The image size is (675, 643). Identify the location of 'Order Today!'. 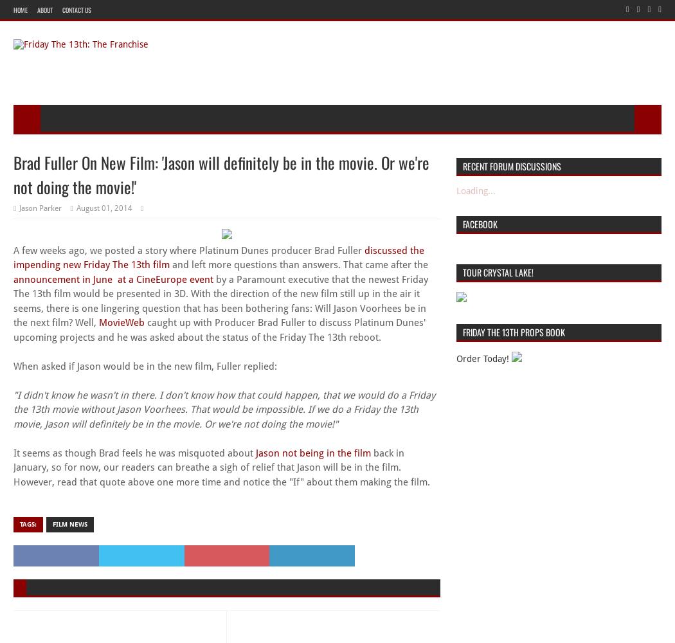
(483, 359).